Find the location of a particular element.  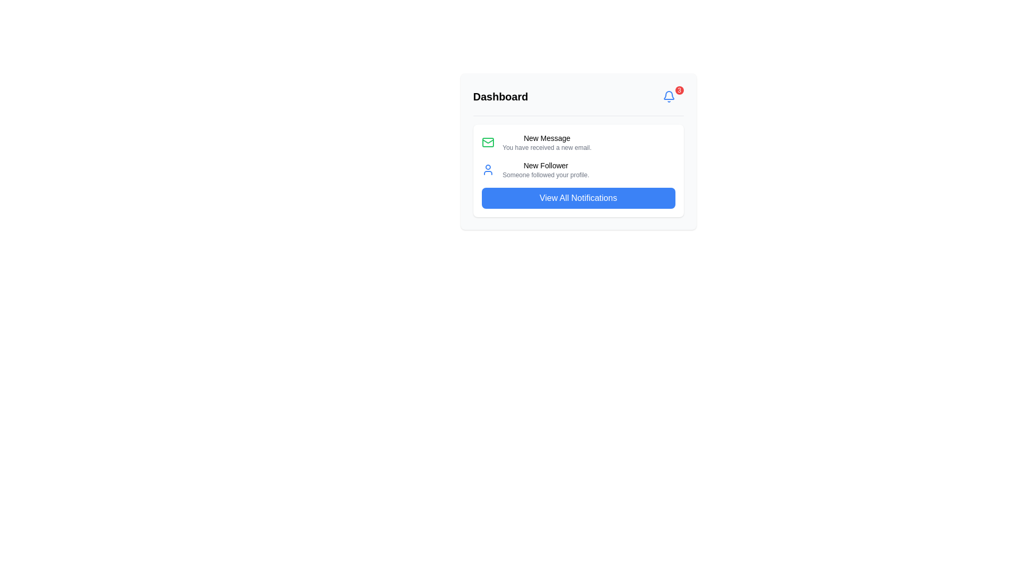

the notification text indicating that someone has followed the user's profile is located at coordinates (546, 169).